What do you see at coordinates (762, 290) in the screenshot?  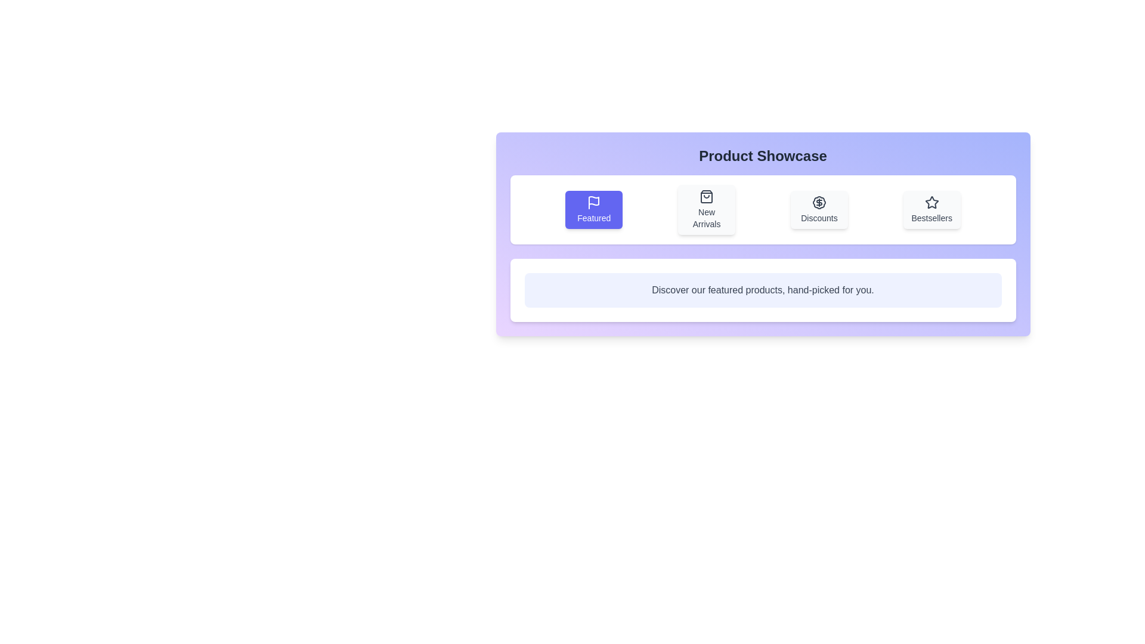 I see `text content from the Descriptive Text Block that displays 'Discover our featured products, hand-picked for you.'` at bounding box center [762, 290].